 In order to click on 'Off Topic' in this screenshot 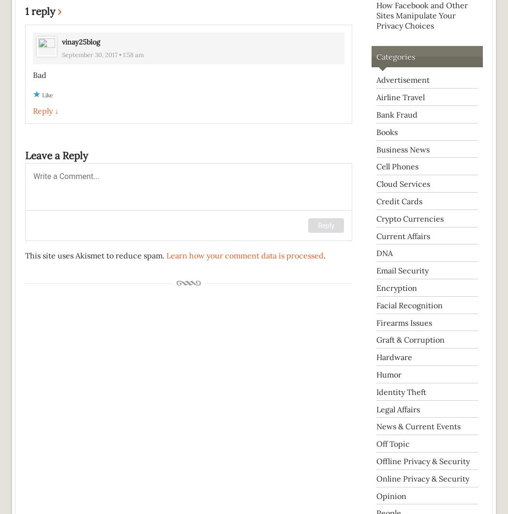, I will do `click(376, 443)`.